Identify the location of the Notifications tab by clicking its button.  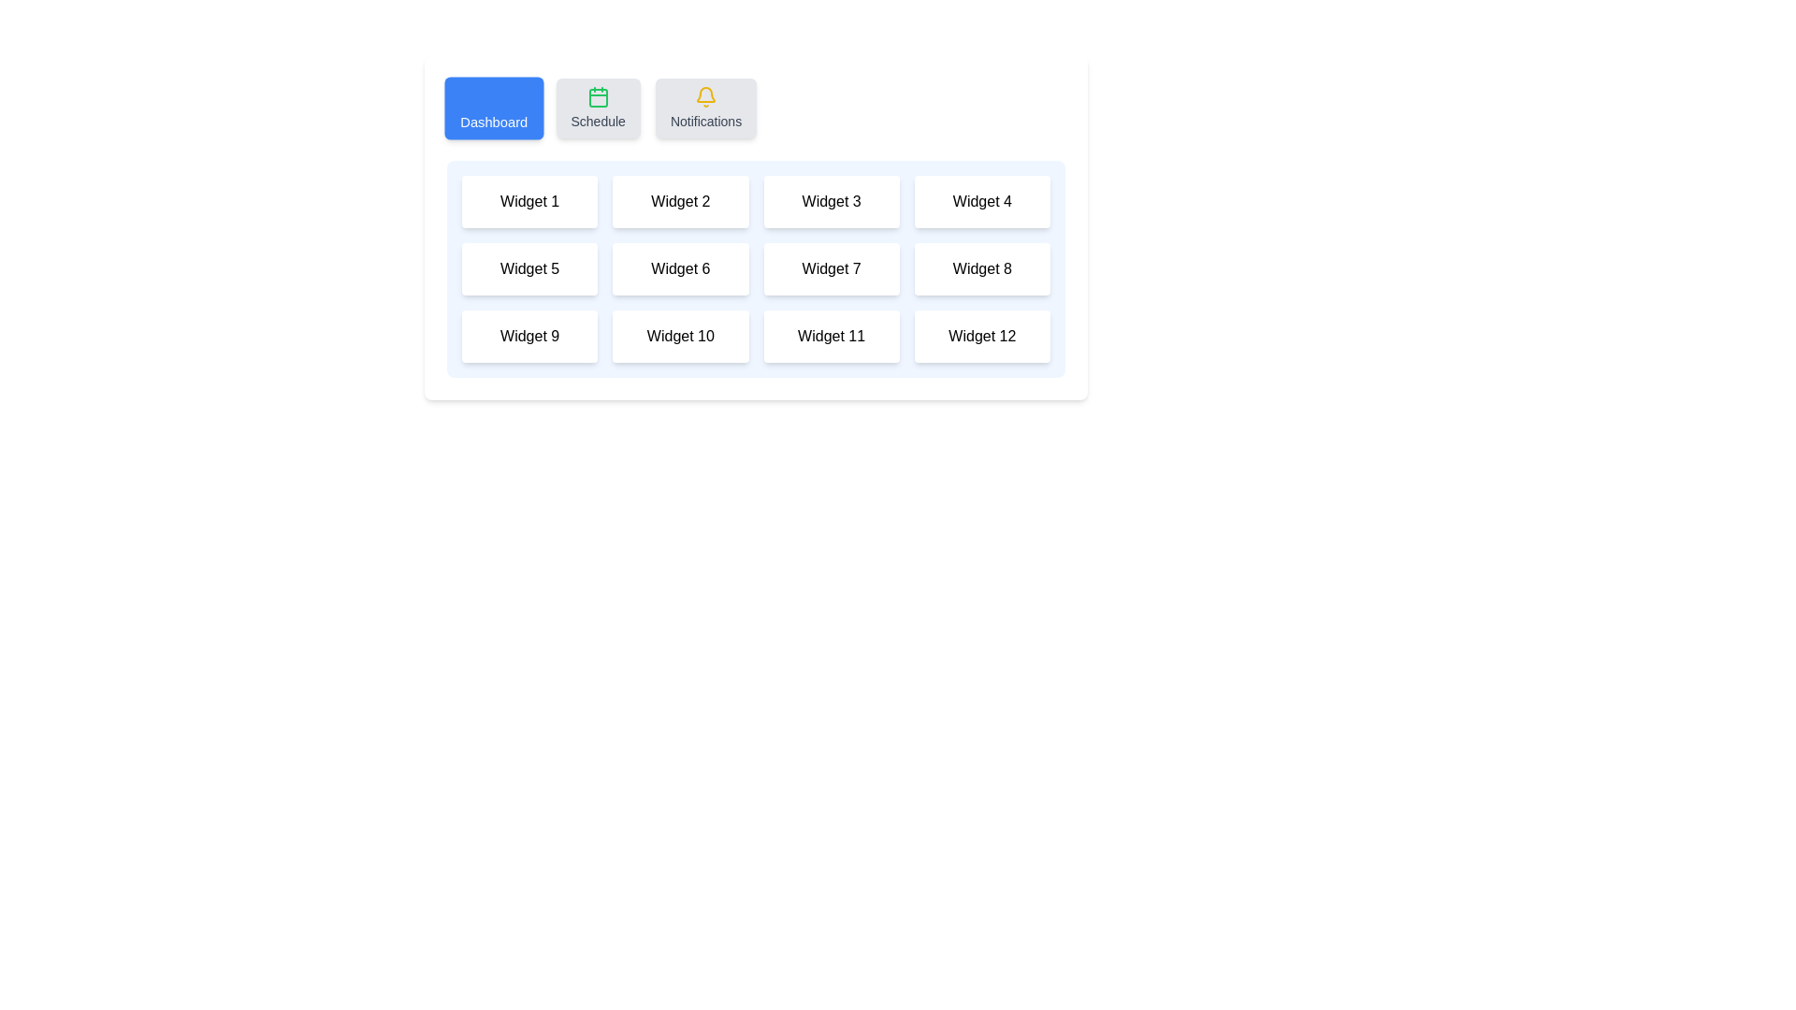
(704, 108).